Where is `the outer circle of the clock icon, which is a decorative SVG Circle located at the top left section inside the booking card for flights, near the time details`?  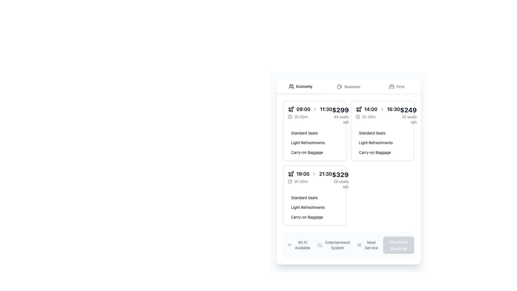 the outer circle of the clock icon, which is a decorative SVG Circle located at the top left section inside the booking card for flights, near the time details is located at coordinates (358, 117).